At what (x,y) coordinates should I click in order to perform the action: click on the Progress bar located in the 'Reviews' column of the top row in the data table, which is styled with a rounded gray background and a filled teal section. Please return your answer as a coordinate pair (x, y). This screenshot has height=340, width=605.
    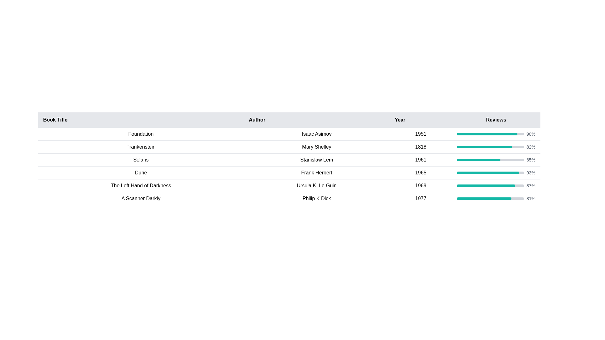
    Looking at the image, I should click on (490, 133).